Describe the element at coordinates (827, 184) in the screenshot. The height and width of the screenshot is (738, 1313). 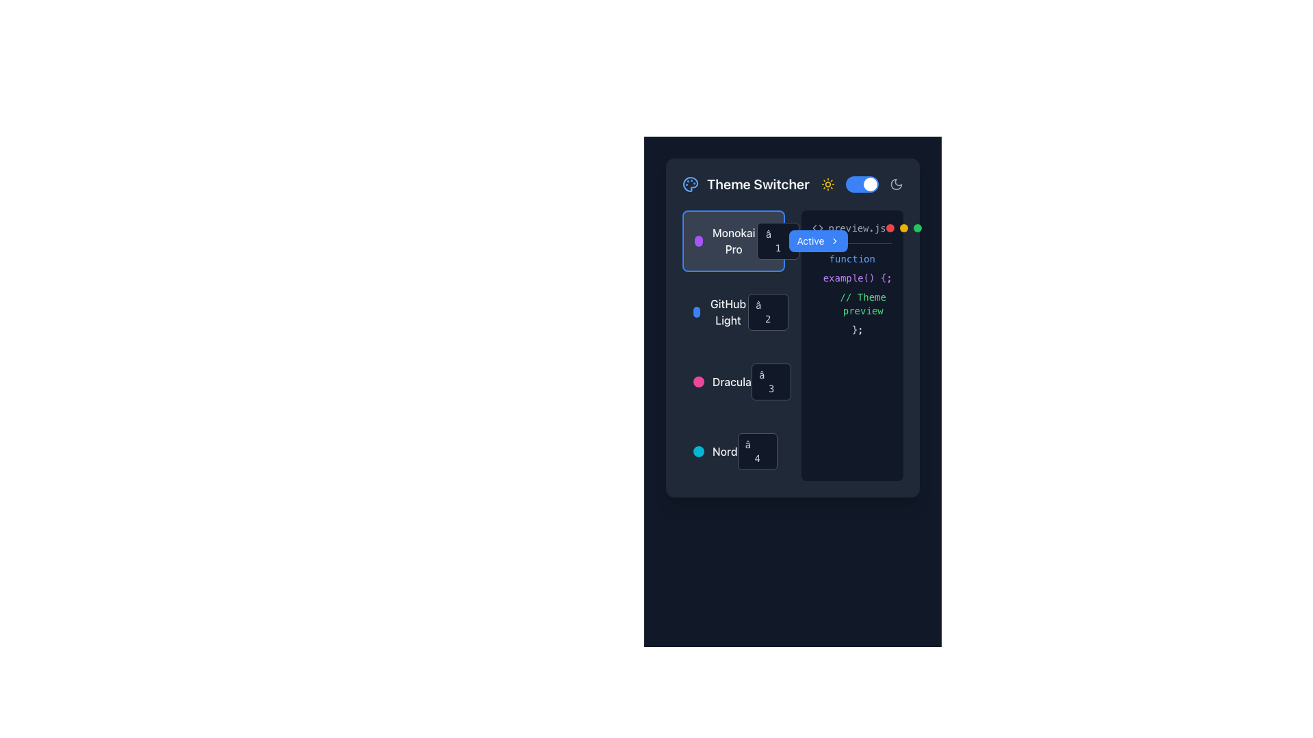
I see `the light theme mode icon located in the header area of the theme switcher interface, which is positioned to the left of the toggle switch and to the right of the header text` at that location.